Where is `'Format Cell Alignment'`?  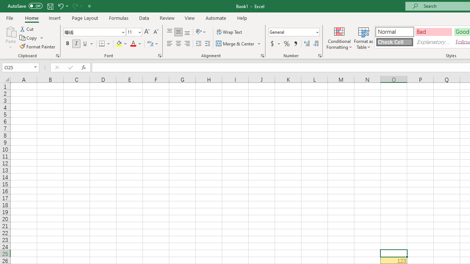
'Format Cell Alignment' is located at coordinates (262, 55).